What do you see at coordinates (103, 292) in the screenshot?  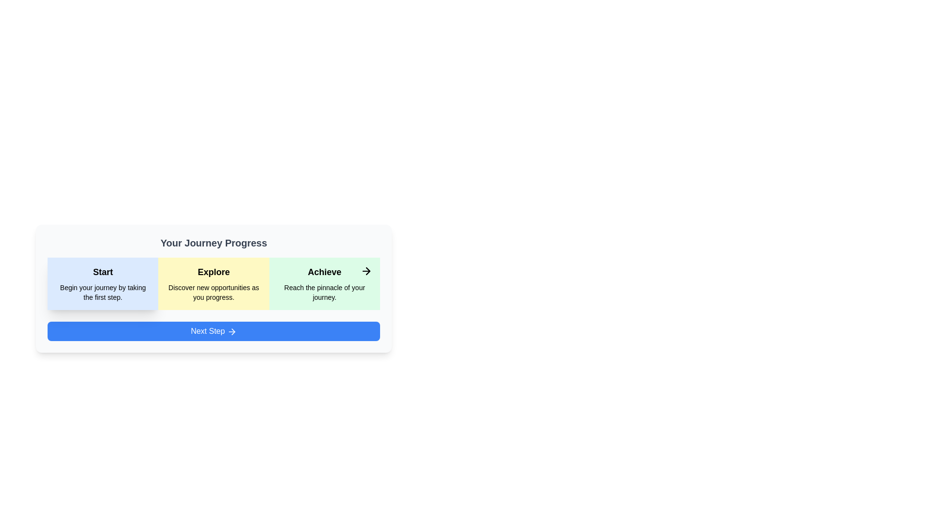 I see `the Text label containing the message 'Begin your journey by taking the first step.' located below the heading 'Start' in the left section with a blue background` at bounding box center [103, 292].